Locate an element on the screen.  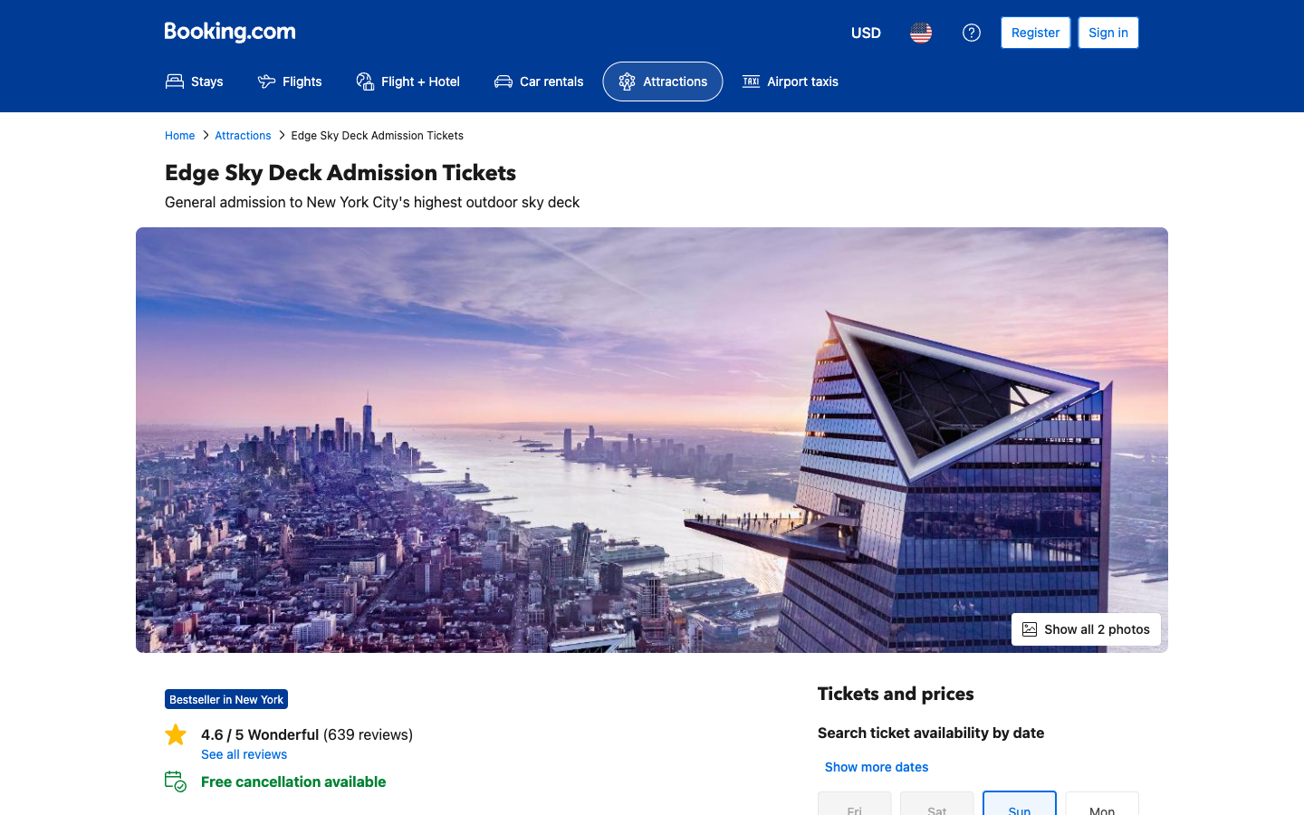
Transition to airplane ticket portal is located at coordinates (289, 81).